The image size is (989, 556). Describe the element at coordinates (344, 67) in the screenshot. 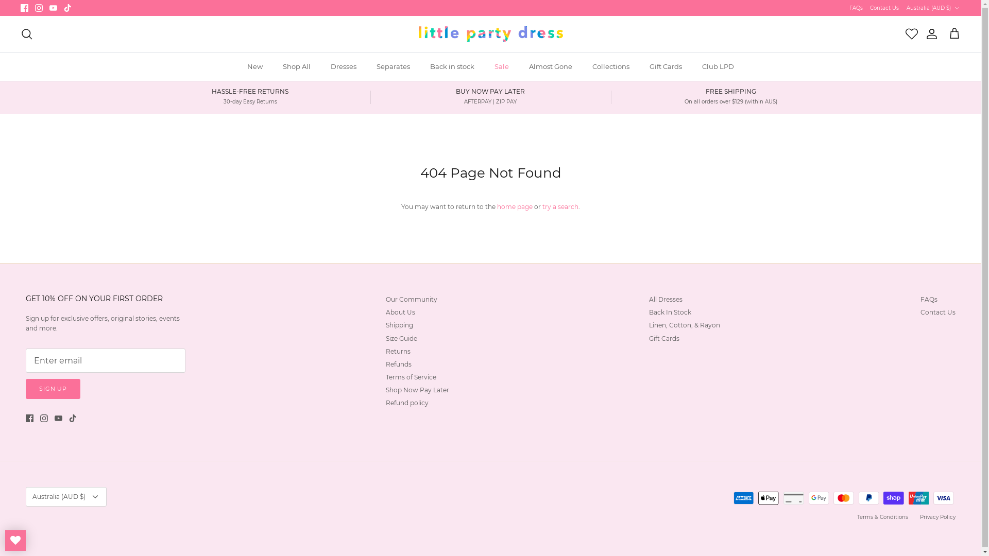

I see `'Dresses'` at that location.